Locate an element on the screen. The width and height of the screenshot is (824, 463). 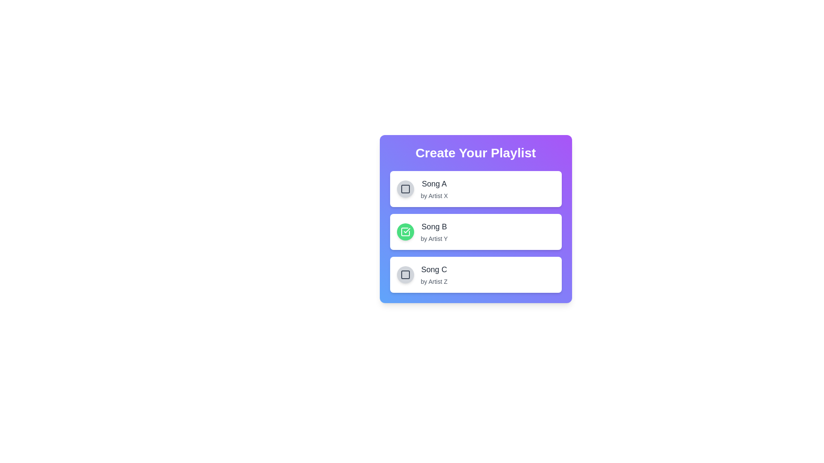
the checkbox for Song C by clicking it is located at coordinates (405, 274).